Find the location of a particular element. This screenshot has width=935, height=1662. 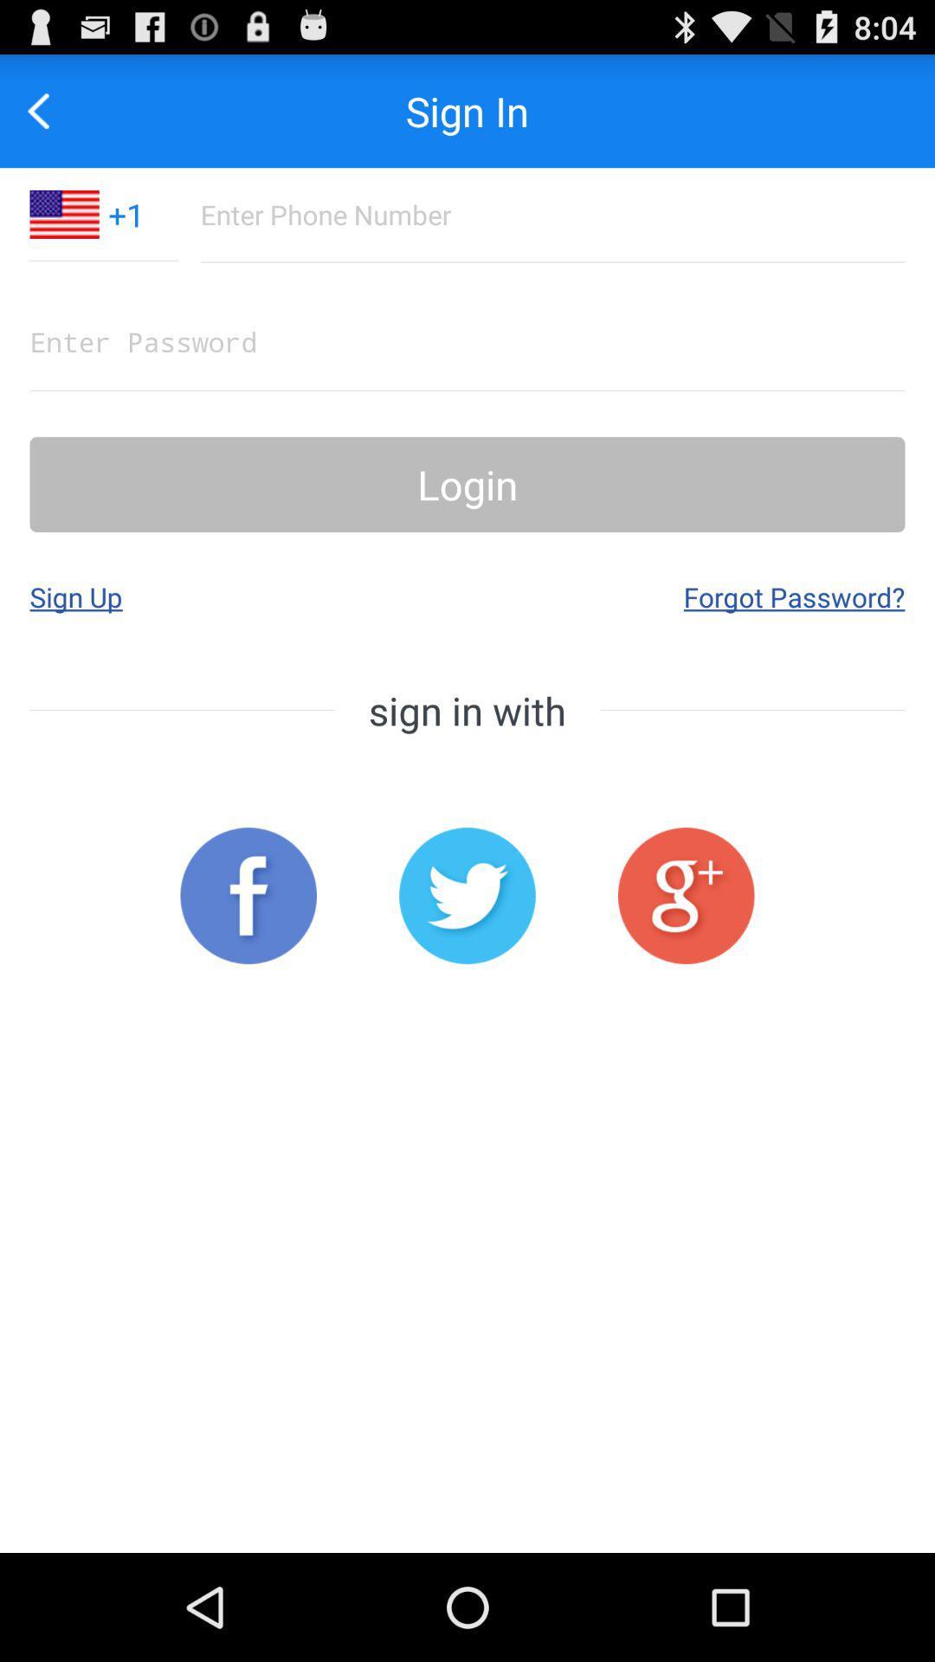

twitter icon is located at coordinates (467, 896).